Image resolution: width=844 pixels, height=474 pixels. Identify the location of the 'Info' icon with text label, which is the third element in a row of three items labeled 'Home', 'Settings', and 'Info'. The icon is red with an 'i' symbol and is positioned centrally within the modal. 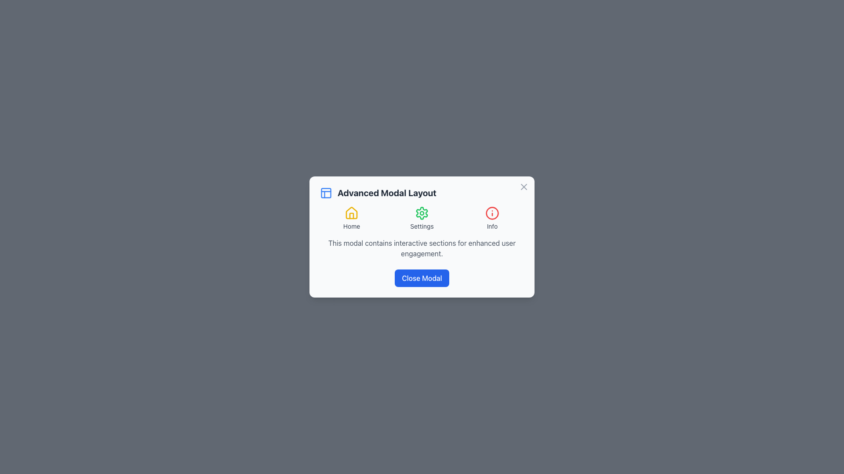
(491, 218).